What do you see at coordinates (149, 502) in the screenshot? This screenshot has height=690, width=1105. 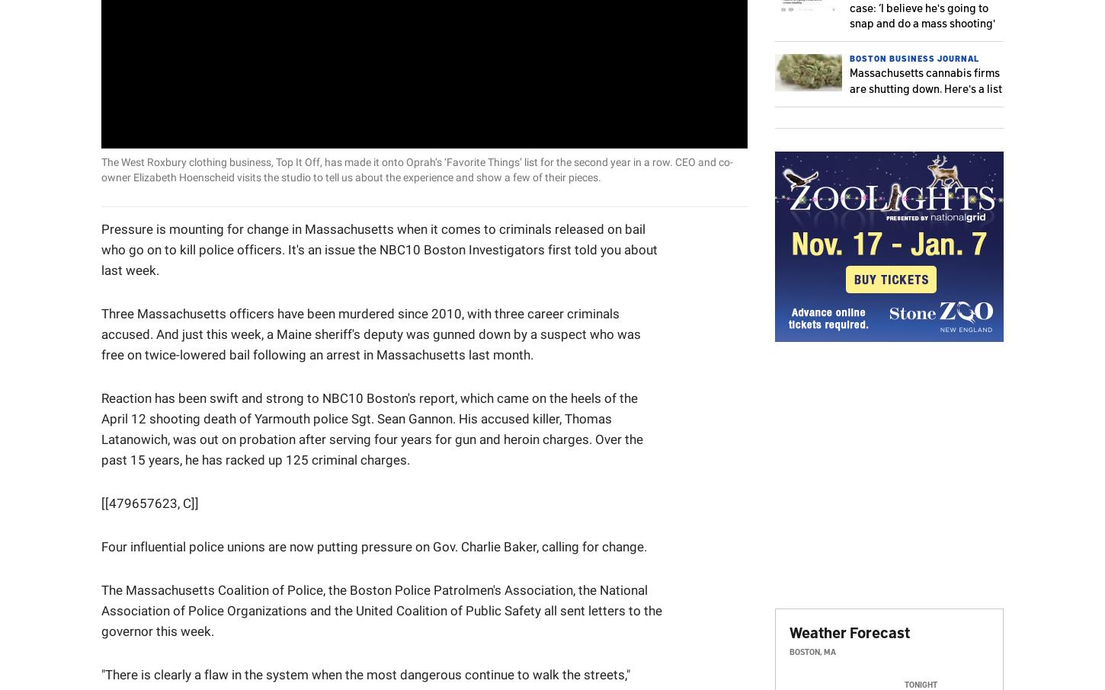 I see `'[[479657623, C]]'` at bounding box center [149, 502].